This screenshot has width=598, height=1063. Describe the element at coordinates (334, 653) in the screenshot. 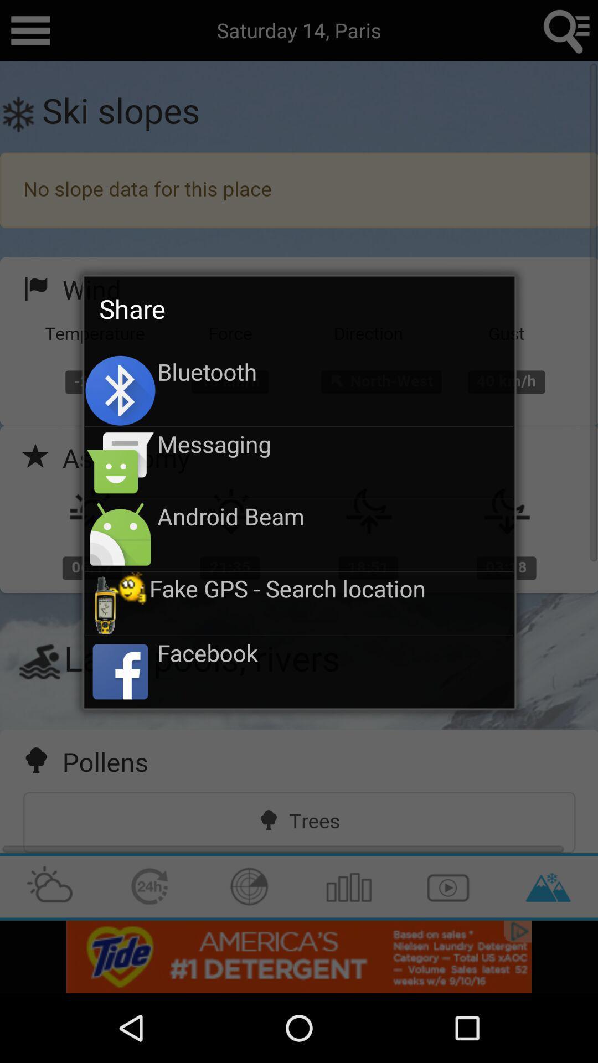

I see `facebook` at that location.